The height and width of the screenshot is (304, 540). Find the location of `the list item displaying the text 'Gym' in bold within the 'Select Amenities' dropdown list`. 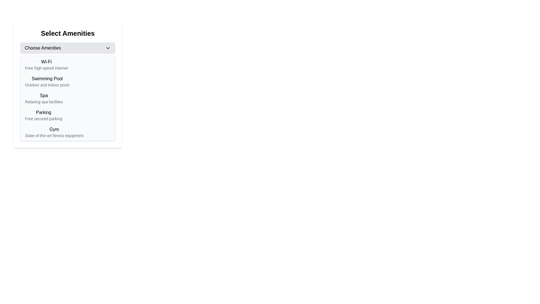

the list item displaying the text 'Gym' in bold within the 'Select Amenities' dropdown list is located at coordinates (54, 132).